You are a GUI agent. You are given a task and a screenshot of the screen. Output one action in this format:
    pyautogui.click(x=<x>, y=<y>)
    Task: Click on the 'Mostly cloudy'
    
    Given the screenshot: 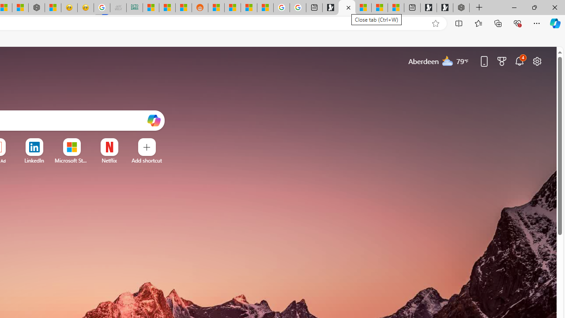 What is the action you would take?
    pyautogui.click(x=448, y=60)
    